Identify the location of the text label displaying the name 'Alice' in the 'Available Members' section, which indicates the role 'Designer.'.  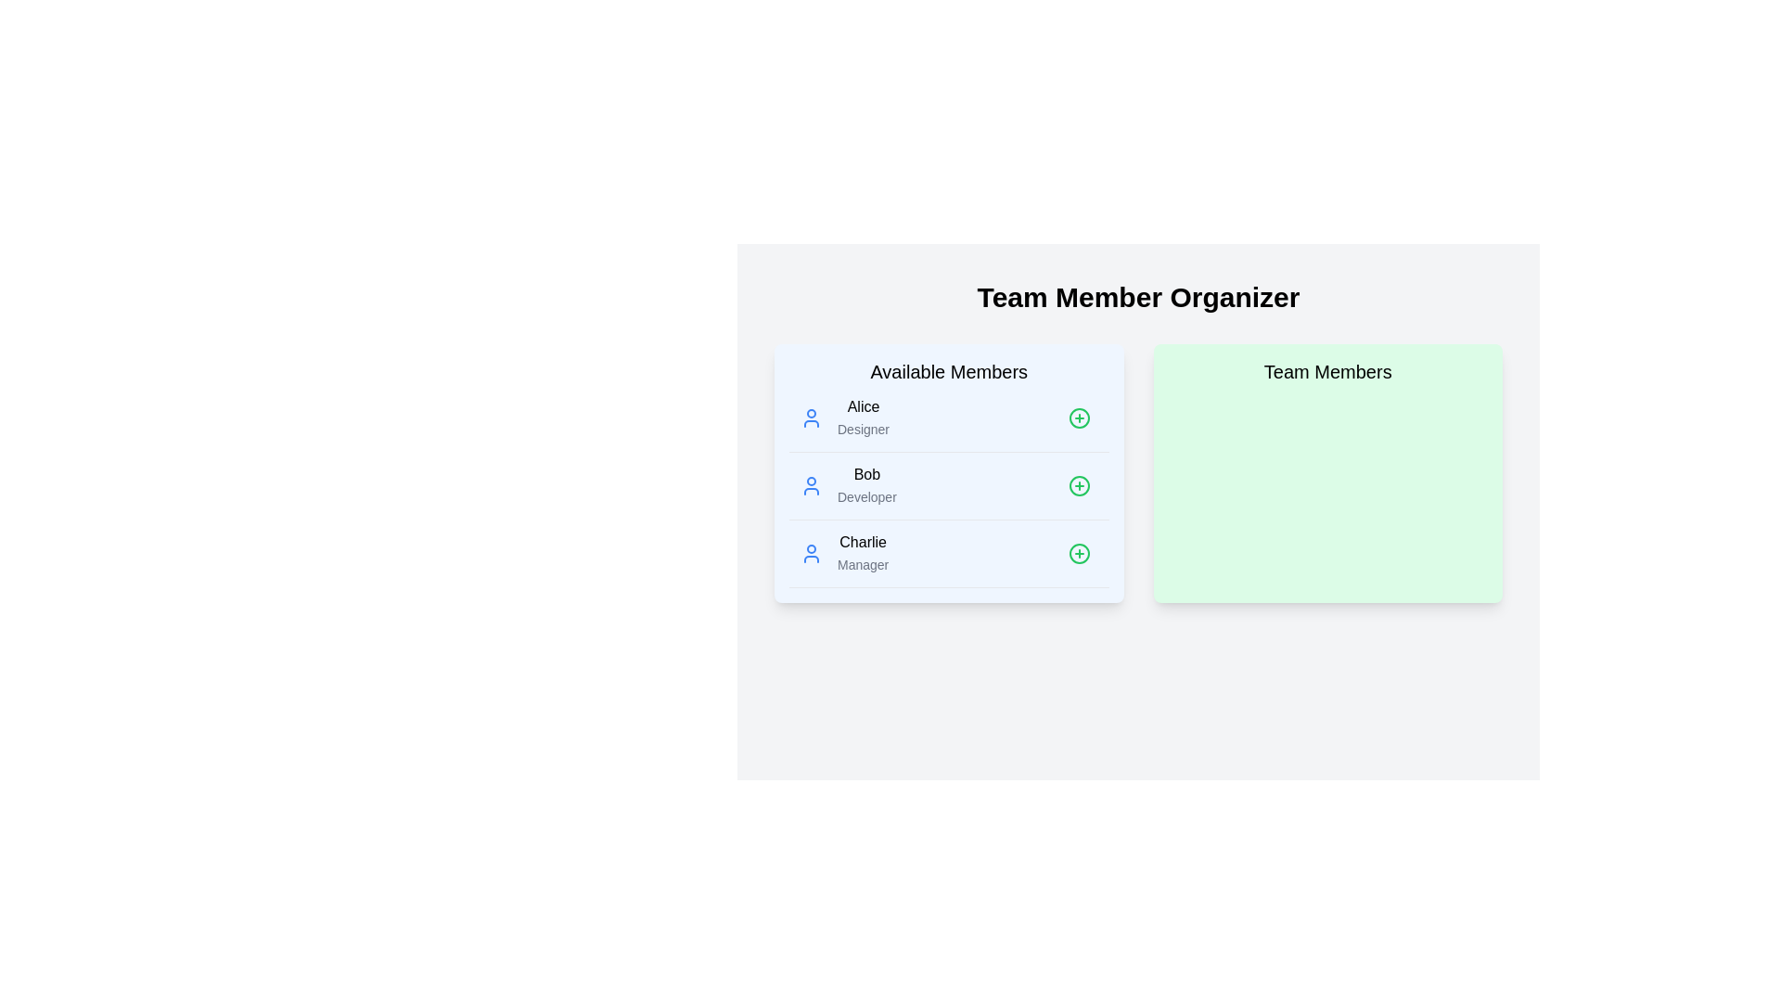
(863, 406).